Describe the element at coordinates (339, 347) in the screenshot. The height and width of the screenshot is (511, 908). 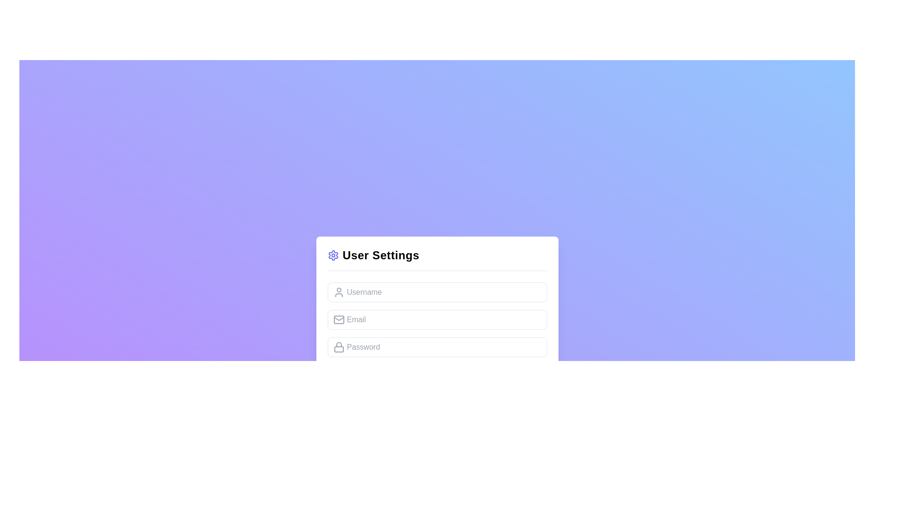
I see `the lock icon located on the far left of the password input field, which indicates that this field is for entering secure information` at that location.